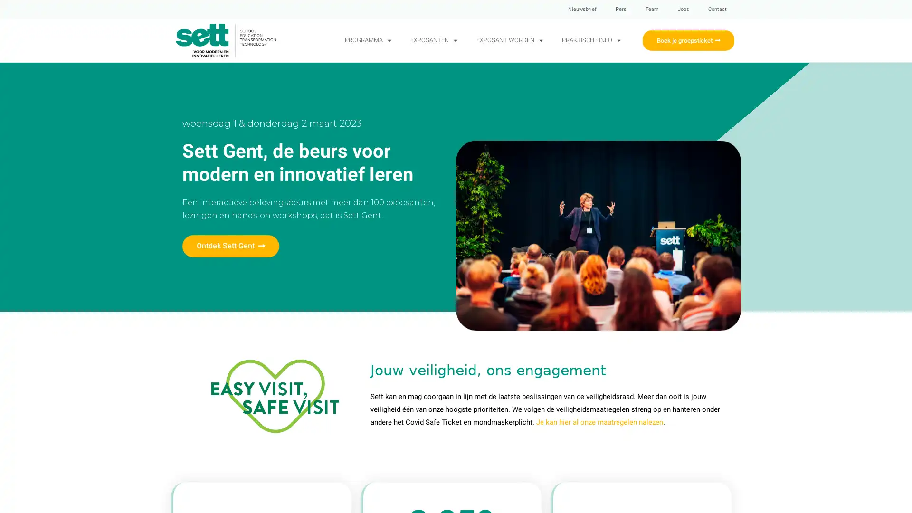 The height and width of the screenshot is (513, 912). I want to click on Ontdek Sett Gent, so click(230, 246).